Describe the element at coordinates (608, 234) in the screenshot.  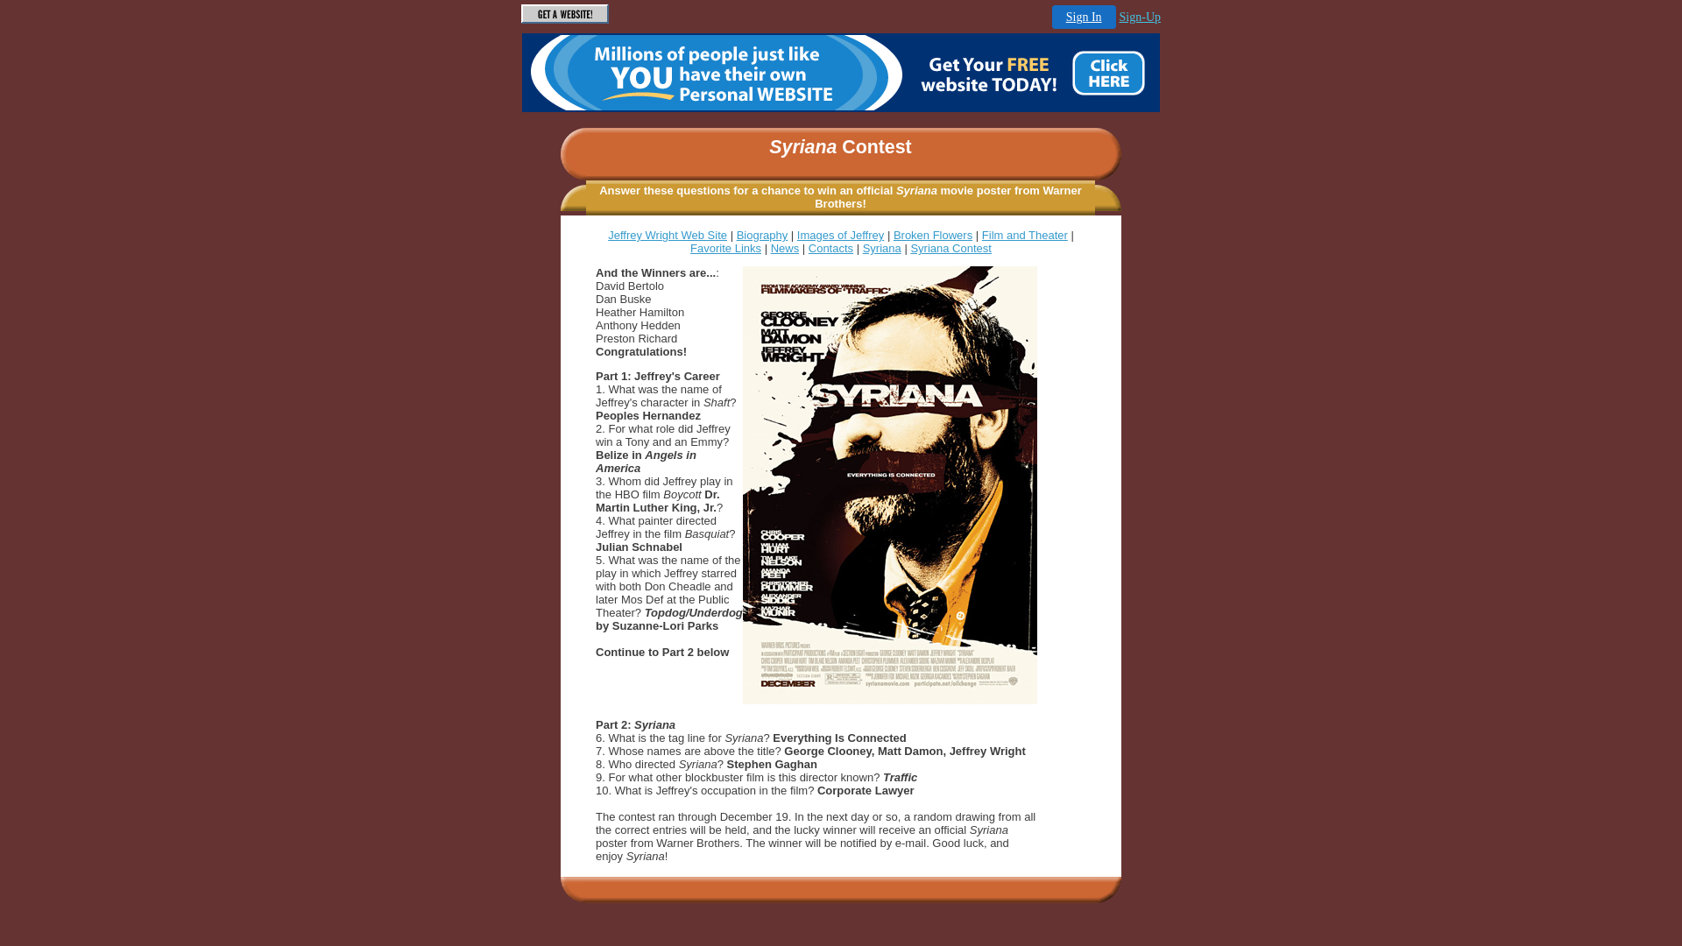
I see `'Jeffrey Wright Web Site'` at that location.